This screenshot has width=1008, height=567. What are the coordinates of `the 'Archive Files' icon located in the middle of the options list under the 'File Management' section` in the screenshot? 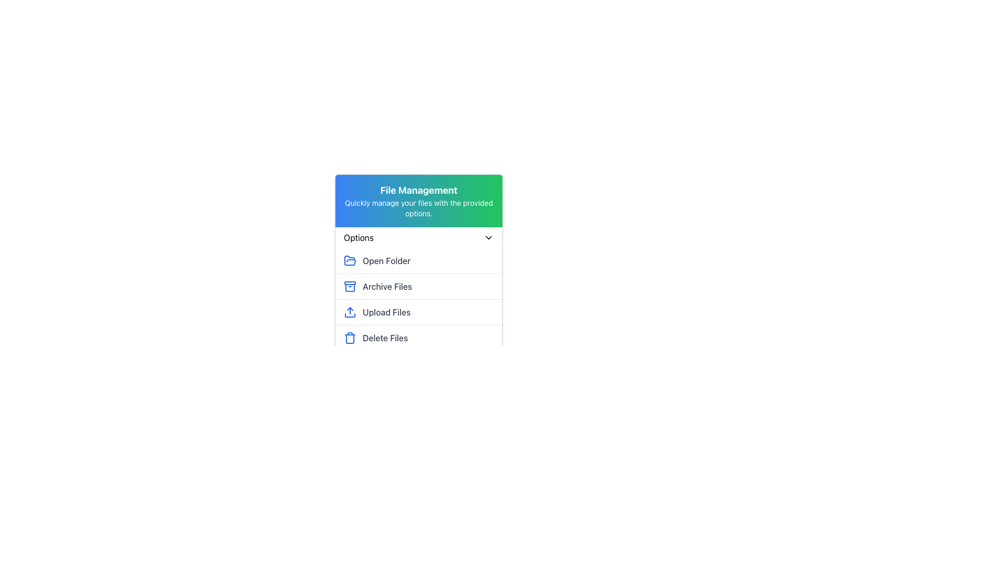 It's located at (350, 287).